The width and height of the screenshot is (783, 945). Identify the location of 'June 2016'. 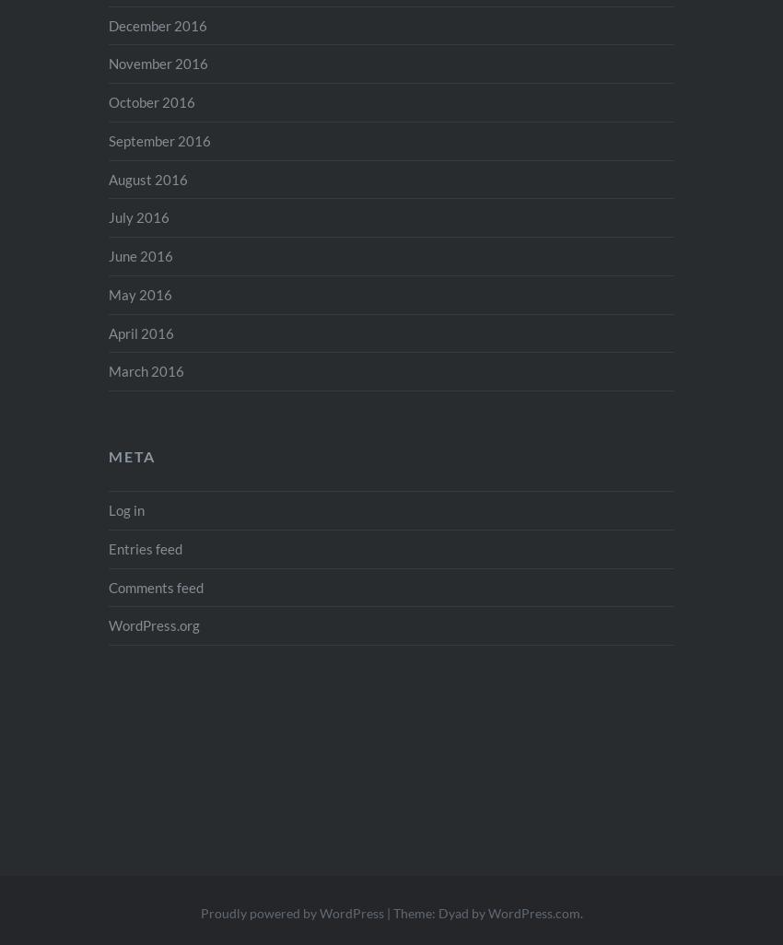
(141, 255).